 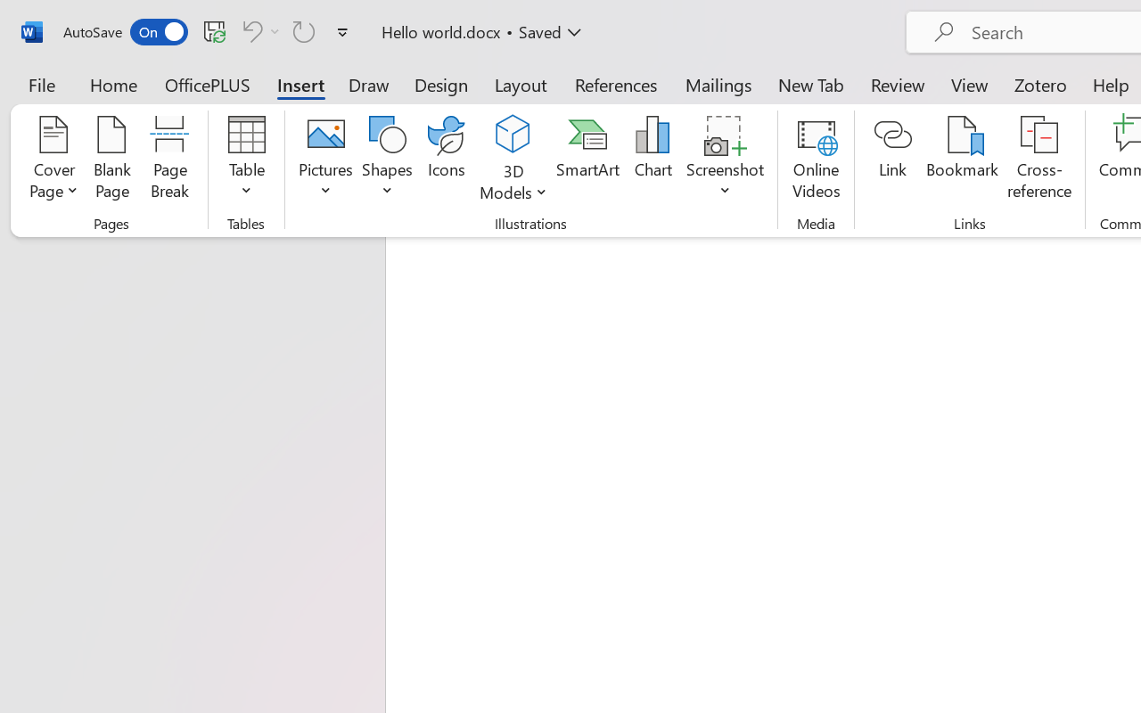 What do you see at coordinates (113, 84) in the screenshot?
I see `'Home'` at bounding box center [113, 84].